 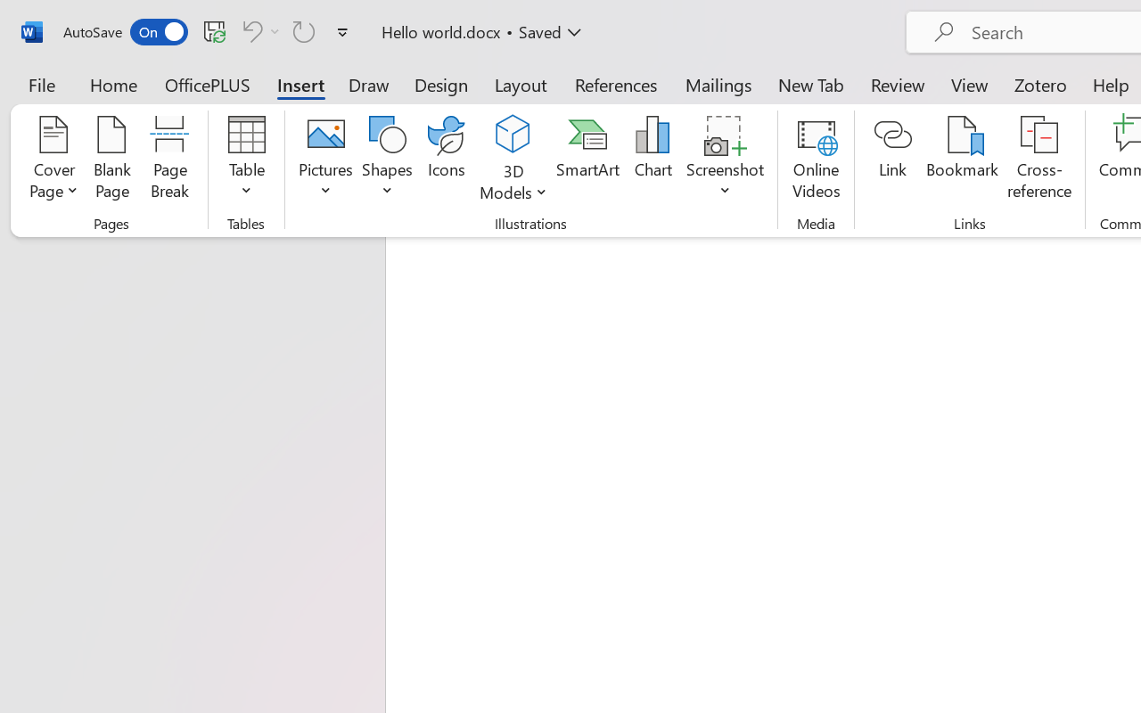 What do you see at coordinates (113, 84) in the screenshot?
I see `'Home'` at bounding box center [113, 84].